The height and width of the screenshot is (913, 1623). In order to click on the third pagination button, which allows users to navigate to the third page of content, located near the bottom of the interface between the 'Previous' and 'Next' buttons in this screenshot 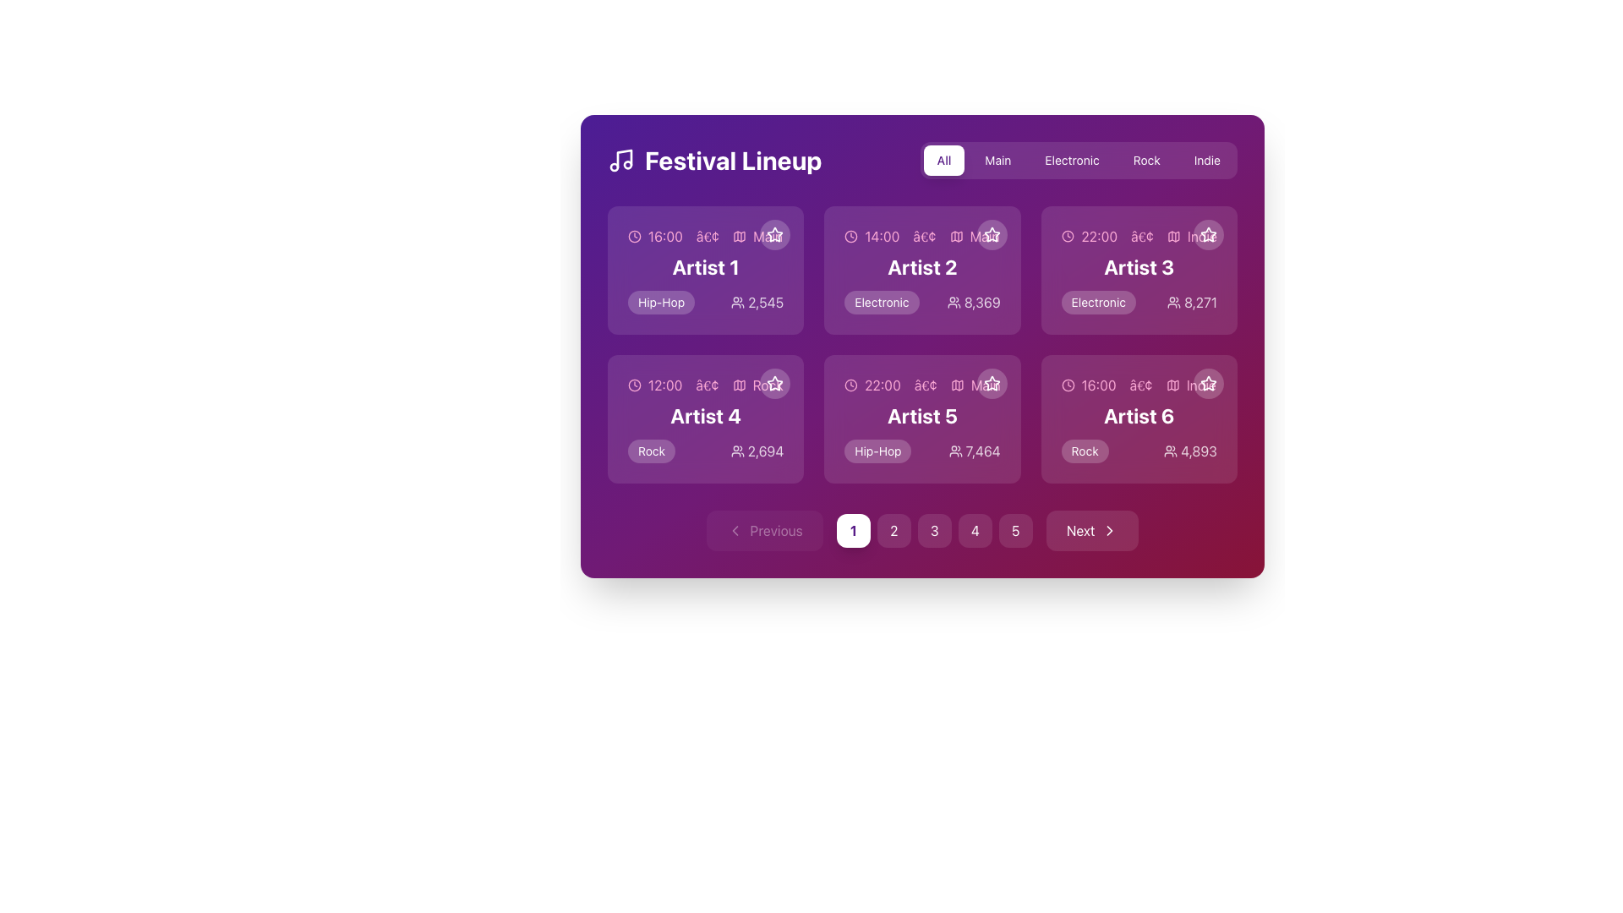, I will do `click(933, 530)`.